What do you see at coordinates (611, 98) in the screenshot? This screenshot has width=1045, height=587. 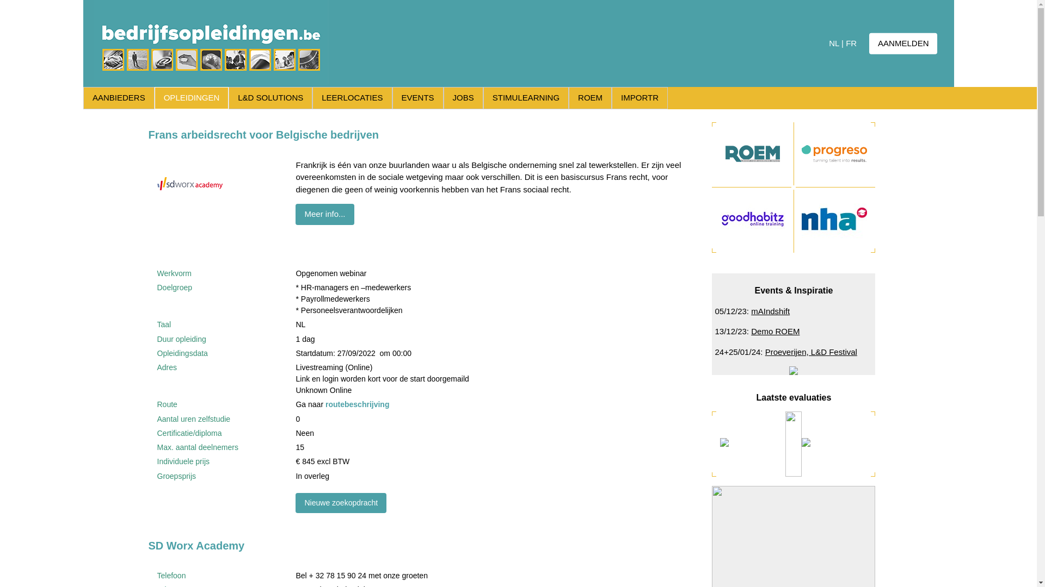 I see `'IMPORTR'` at bounding box center [611, 98].